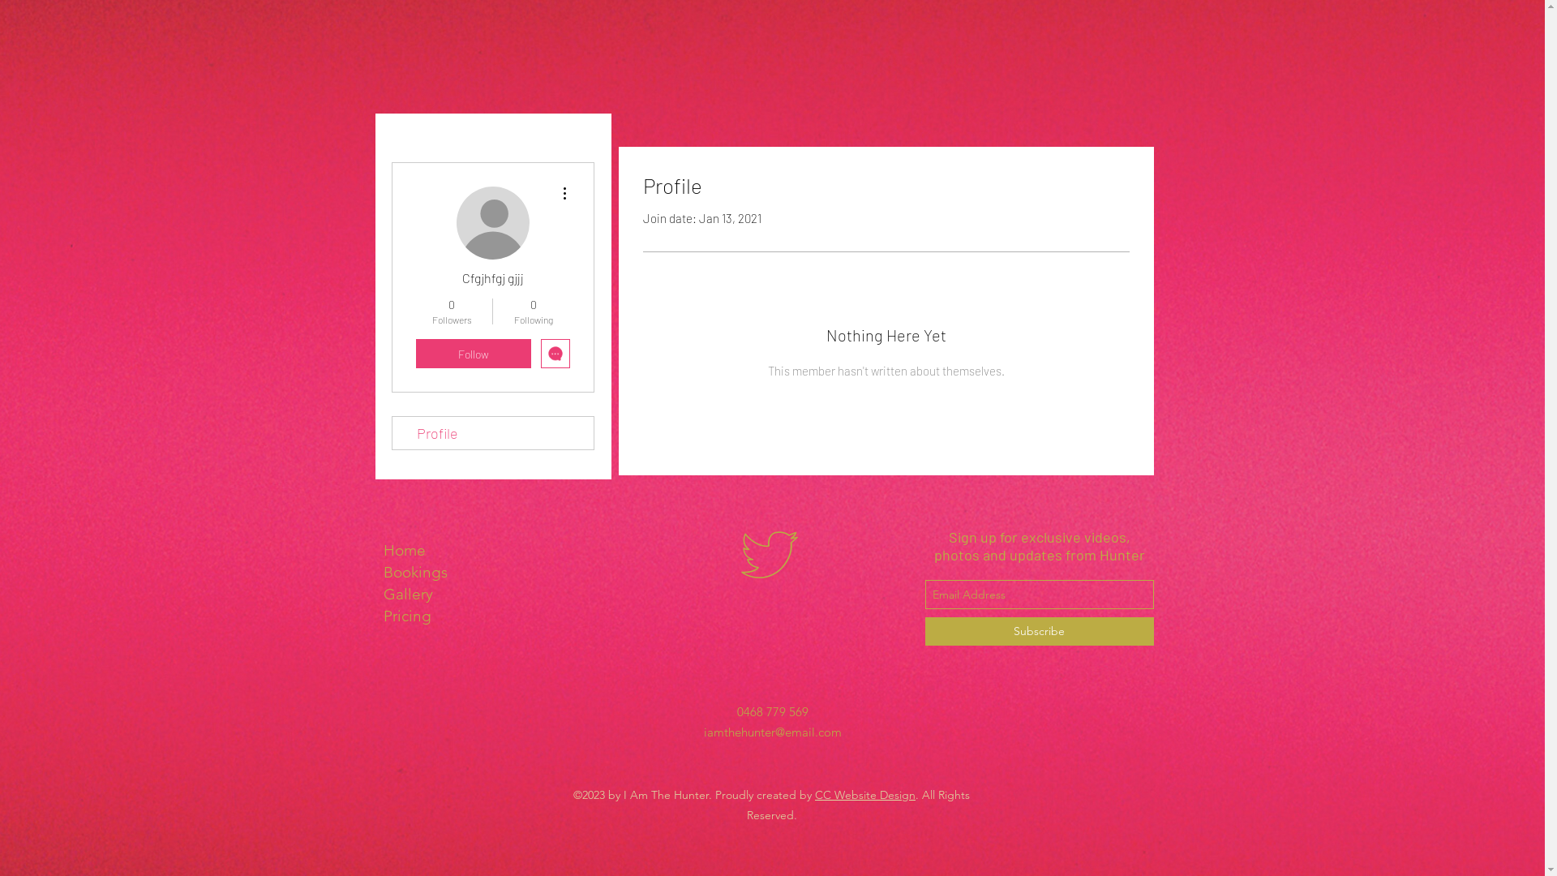  Describe the element at coordinates (864, 793) in the screenshot. I see `'CC Website Design'` at that location.